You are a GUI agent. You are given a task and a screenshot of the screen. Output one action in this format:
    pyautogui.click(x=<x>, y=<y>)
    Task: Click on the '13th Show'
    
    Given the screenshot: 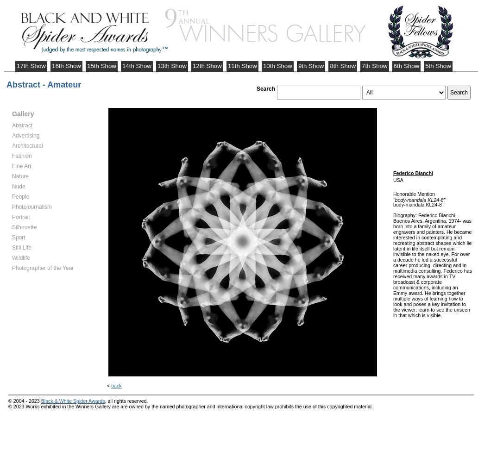 What is the action you would take?
    pyautogui.click(x=171, y=66)
    